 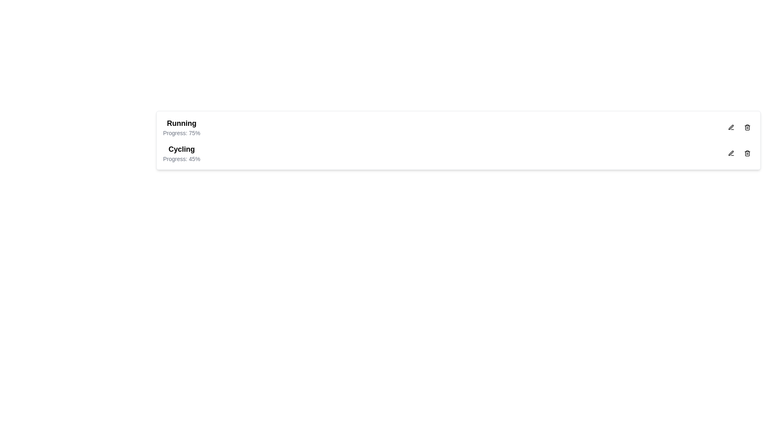 I want to click on the delete button for the 'Cycling' task, so click(x=747, y=153).